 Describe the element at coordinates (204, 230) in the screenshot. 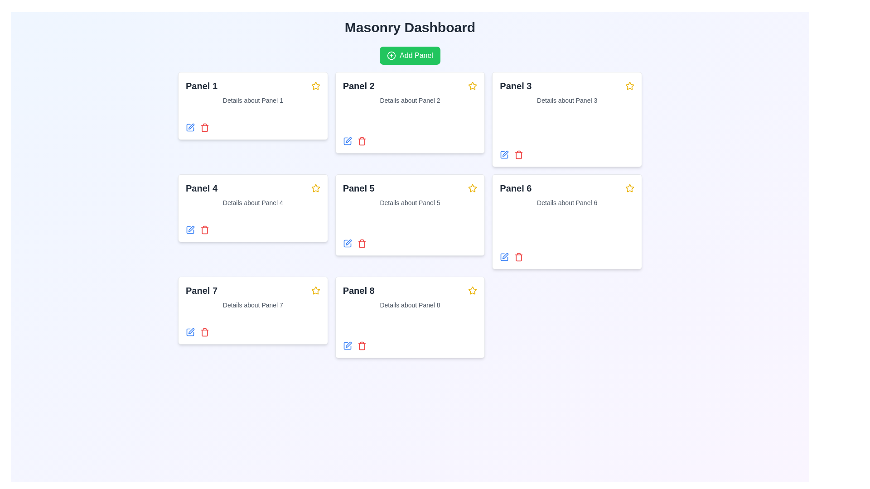

I see `the red trash icon button located in 'Panel 4'` at that location.